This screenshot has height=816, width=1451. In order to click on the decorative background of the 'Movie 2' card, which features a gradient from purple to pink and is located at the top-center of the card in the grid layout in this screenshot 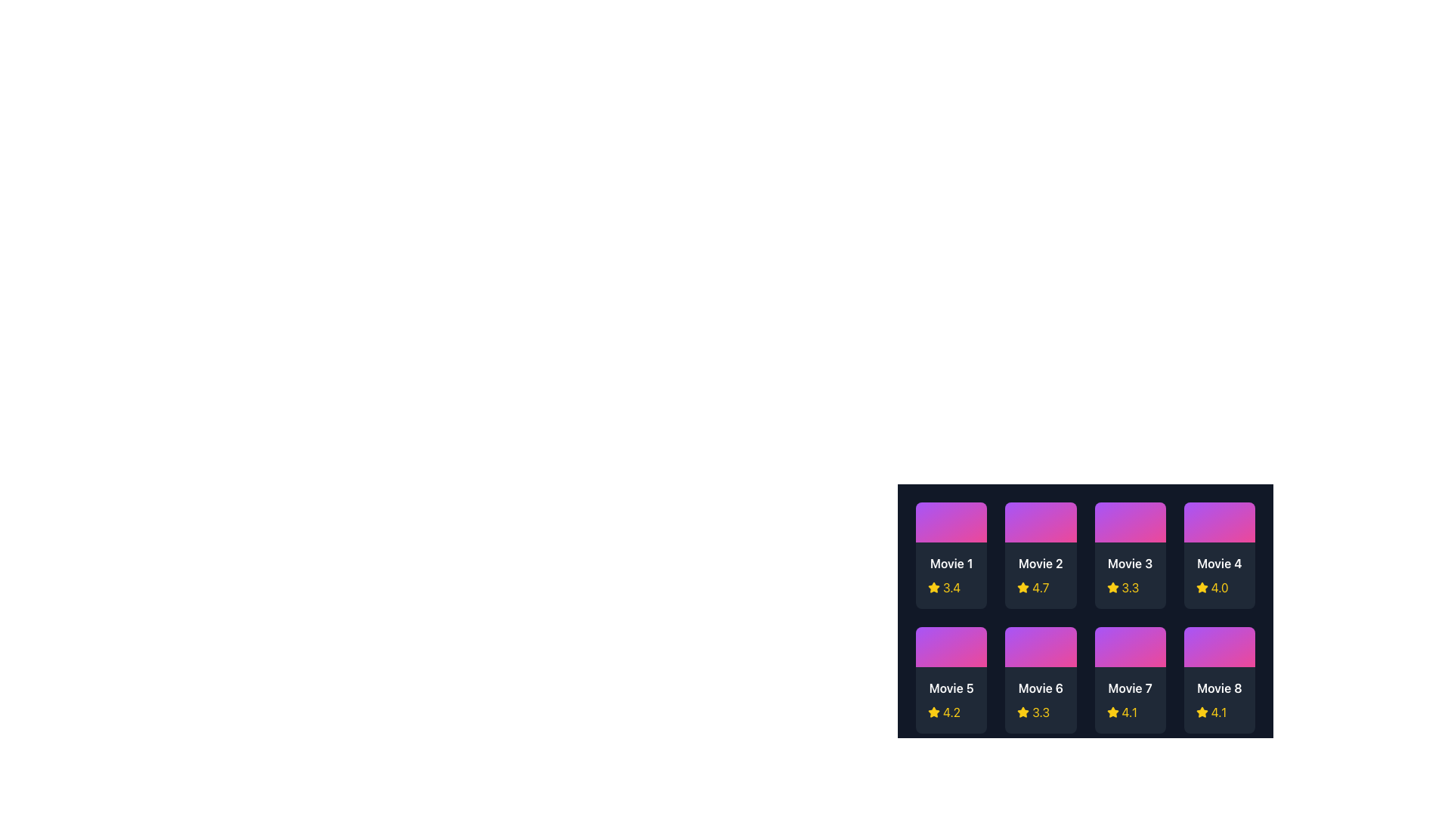, I will do `click(1040, 521)`.